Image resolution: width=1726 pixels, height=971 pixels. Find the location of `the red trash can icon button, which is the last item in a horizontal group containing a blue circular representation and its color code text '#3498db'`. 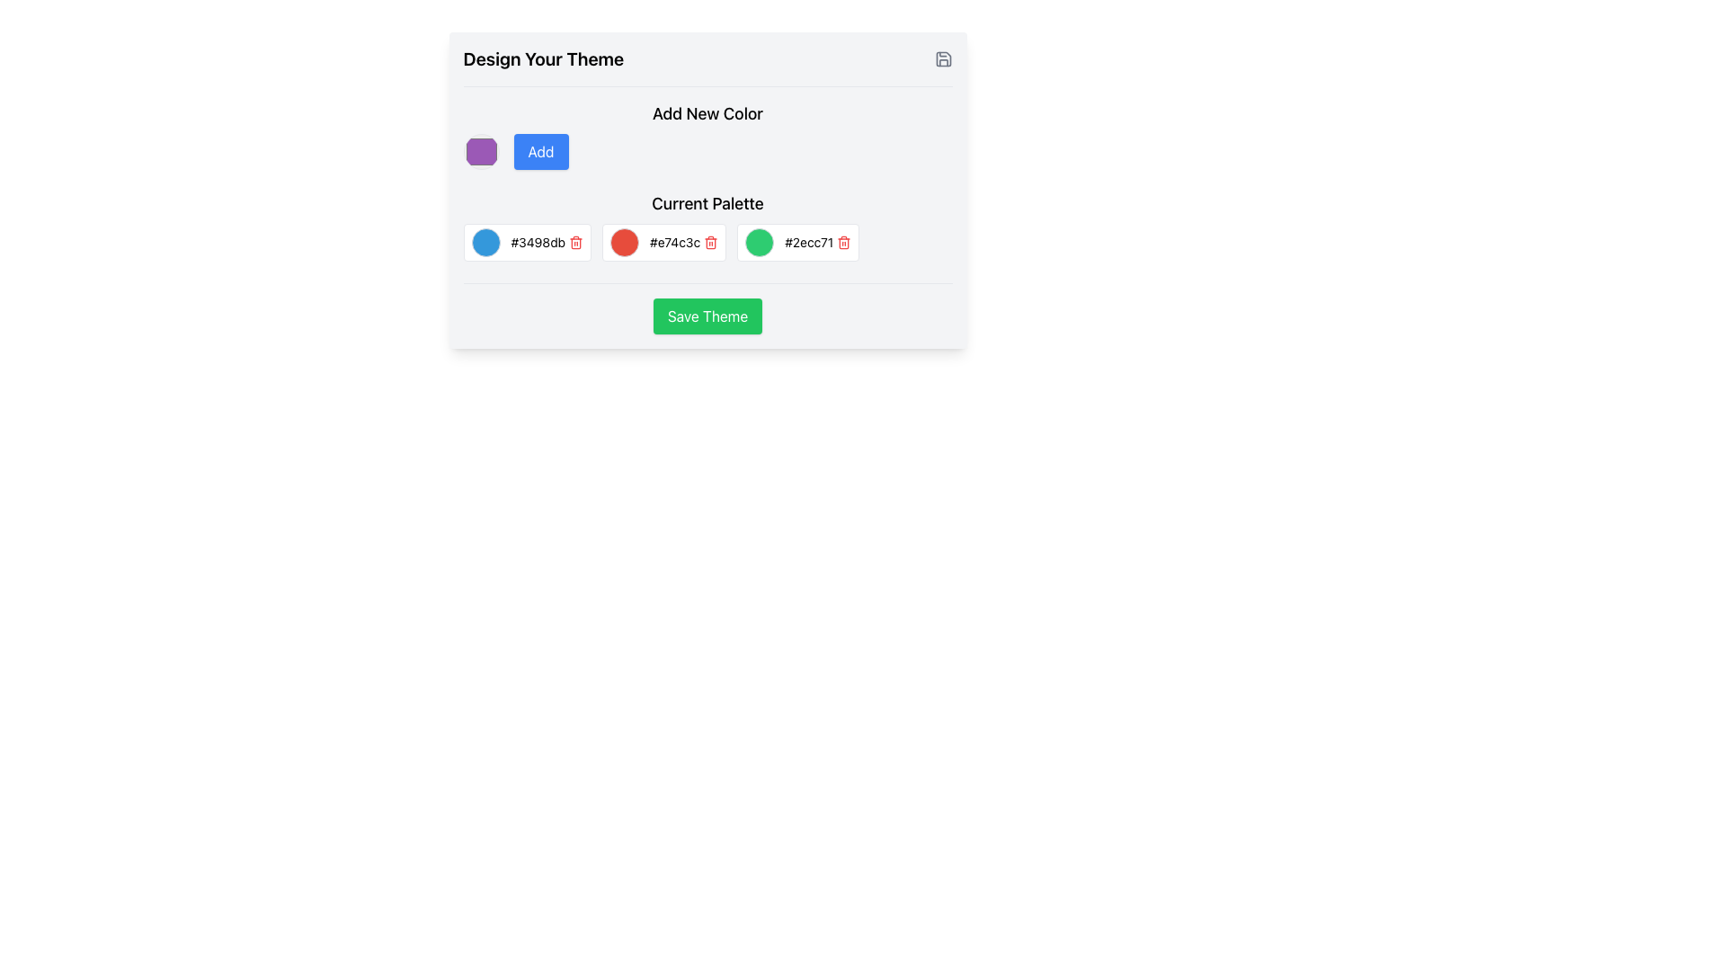

the red trash can icon button, which is the last item in a horizontal group containing a blue circular representation and its color code text '#3498db' is located at coordinates (576, 243).